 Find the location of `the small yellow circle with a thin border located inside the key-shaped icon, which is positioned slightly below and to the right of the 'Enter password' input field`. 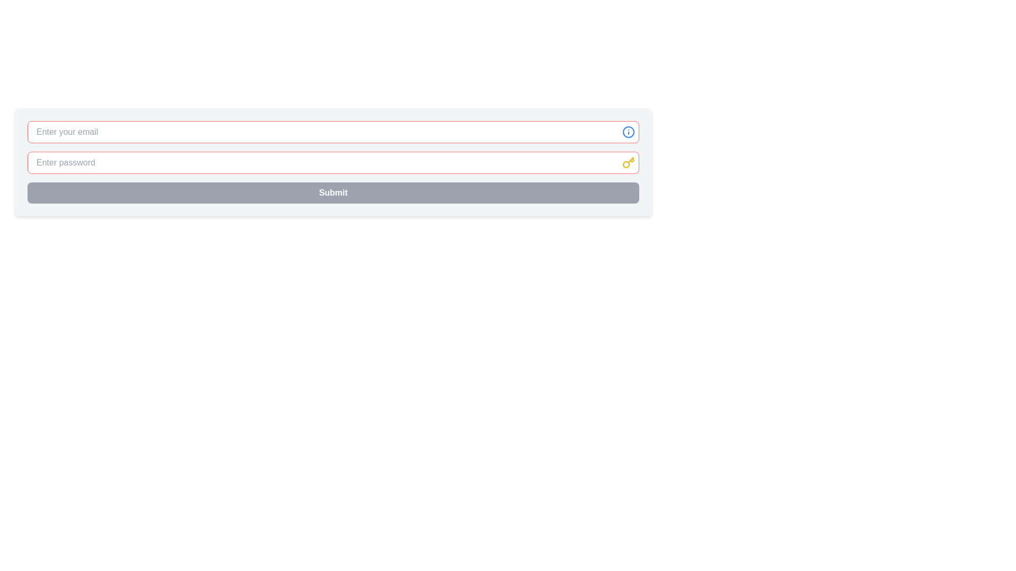

the small yellow circle with a thin border located inside the key-shaped icon, which is positioned slightly below and to the right of the 'Enter password' input field is located at coordinates (626, 164).